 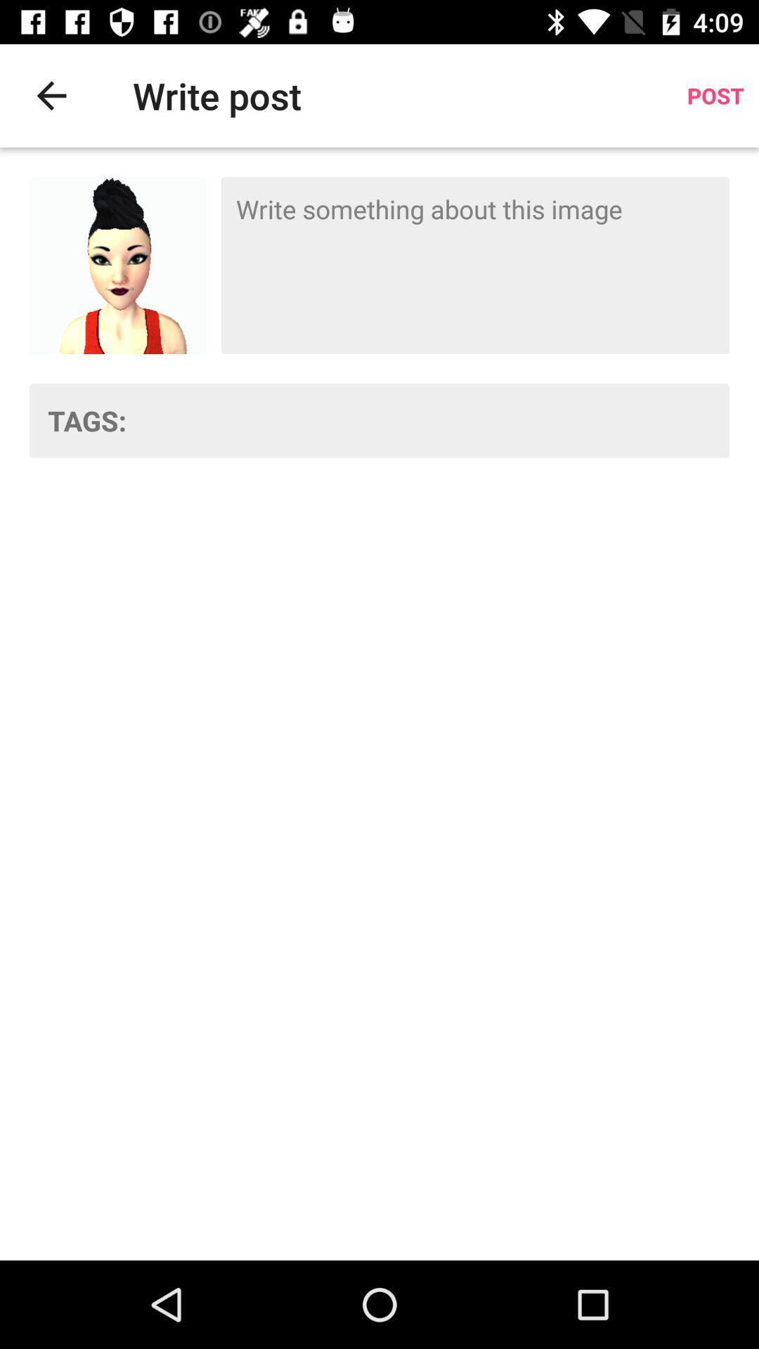 What do you see at coordinates (436, 419) in the screenshot?
I see `insert best words who describe your photo` at bounding box center [436, 419].